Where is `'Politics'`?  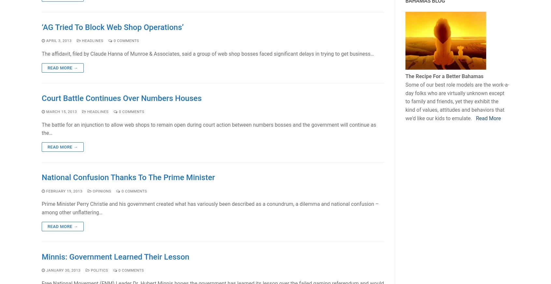 'Politics' is located at coordinates (98, 270).